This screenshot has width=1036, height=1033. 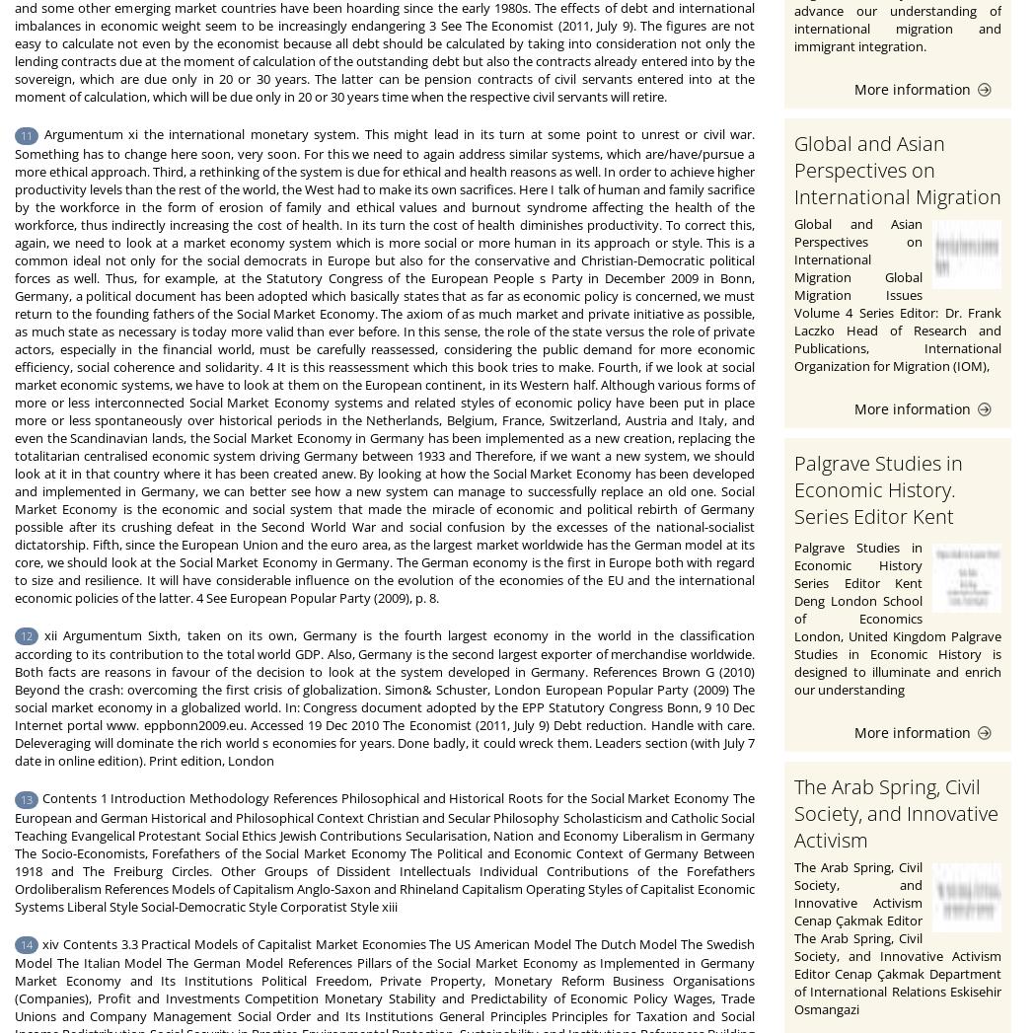 I want to click on 'The Arab Spring, Civil Society, and Innovative Activism Cenap Çakmak Editor The Arab Spring, Civil Society, and Innovative Activism Editor Cenap Çakmak Department of International Relations Eskisehir Osmangazi', so click(x=793, y=937).